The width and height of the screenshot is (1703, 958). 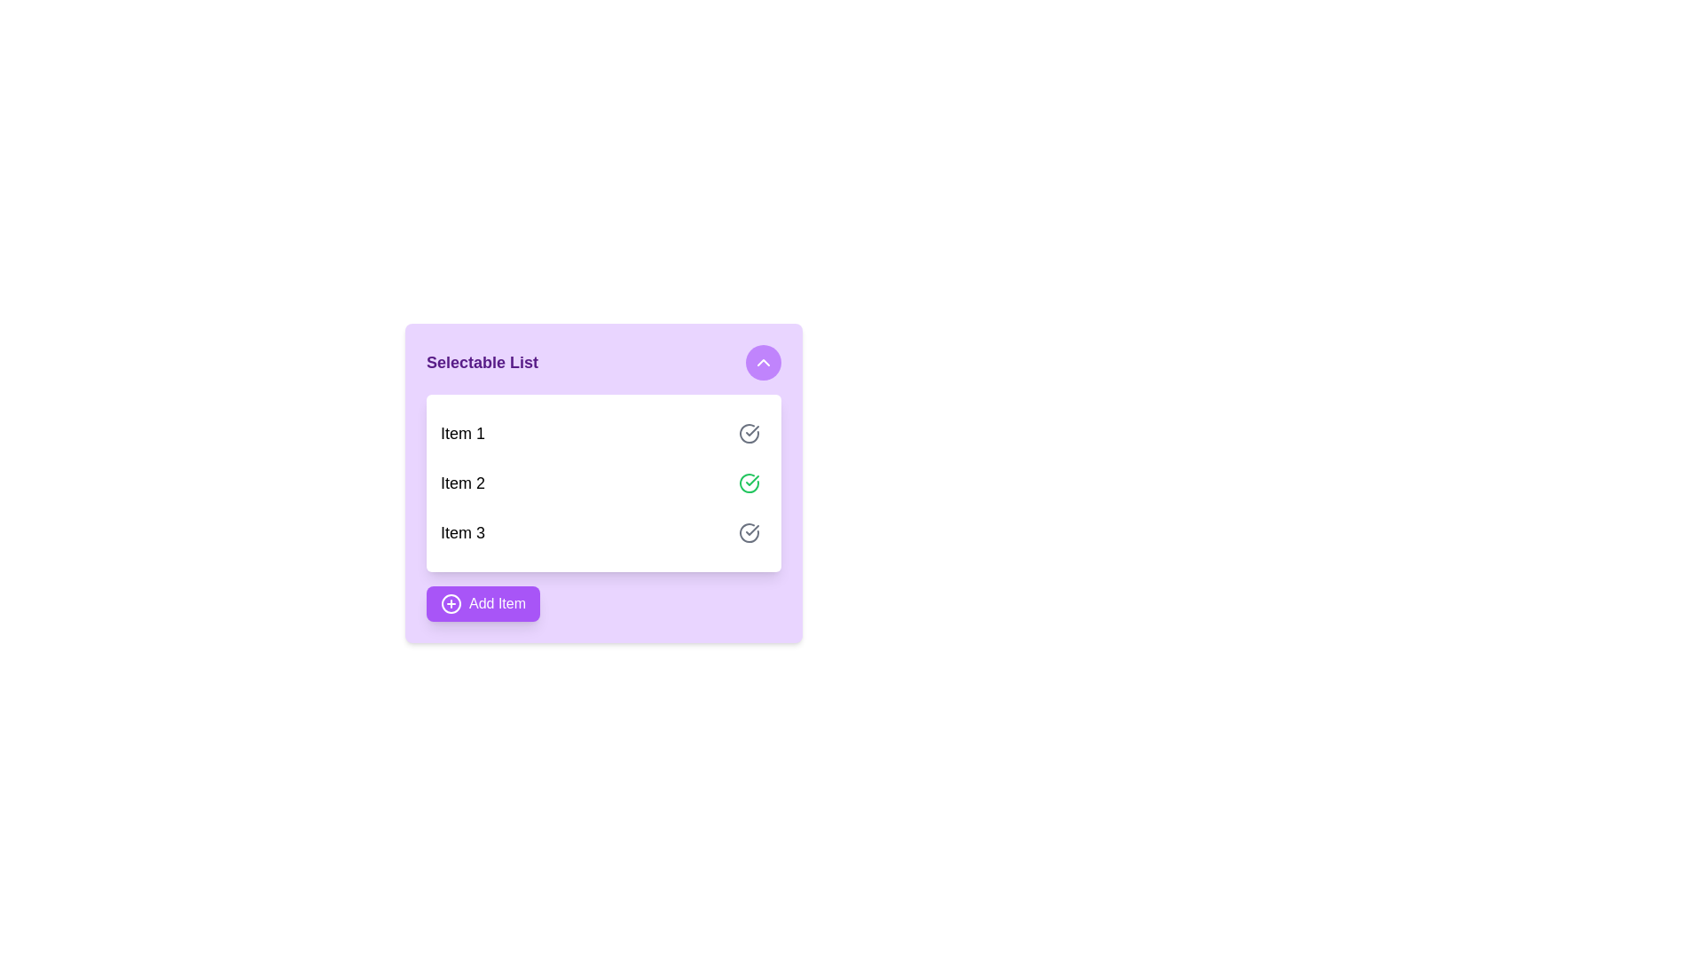 What do you see at coordinates (463, 532) in the screenshot?
I see `the text label that serves as an identifier for the selectable list item located at the bottom-most position, below 'Item 2' and above the 'Add Item' button` at bounding box center [463, 532].